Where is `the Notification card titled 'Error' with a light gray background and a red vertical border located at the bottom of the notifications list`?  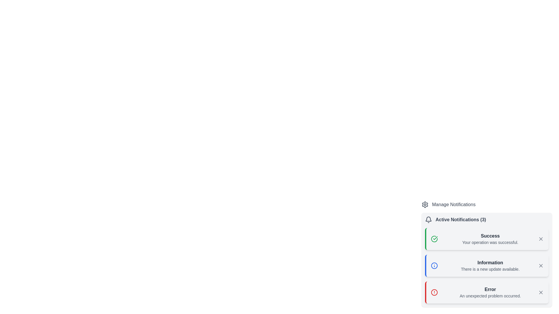 the Notification card titled 'Error' with a light gray background and a red vertical border located at the bottom of the notifications list is located at coordinates (487, 292).